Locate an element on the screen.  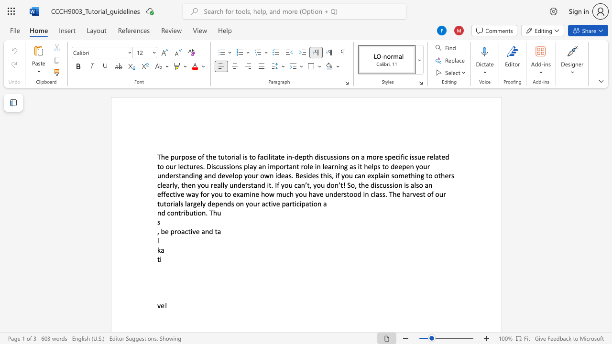
the 1th character "." in the text is located at coordinates (206, 212).